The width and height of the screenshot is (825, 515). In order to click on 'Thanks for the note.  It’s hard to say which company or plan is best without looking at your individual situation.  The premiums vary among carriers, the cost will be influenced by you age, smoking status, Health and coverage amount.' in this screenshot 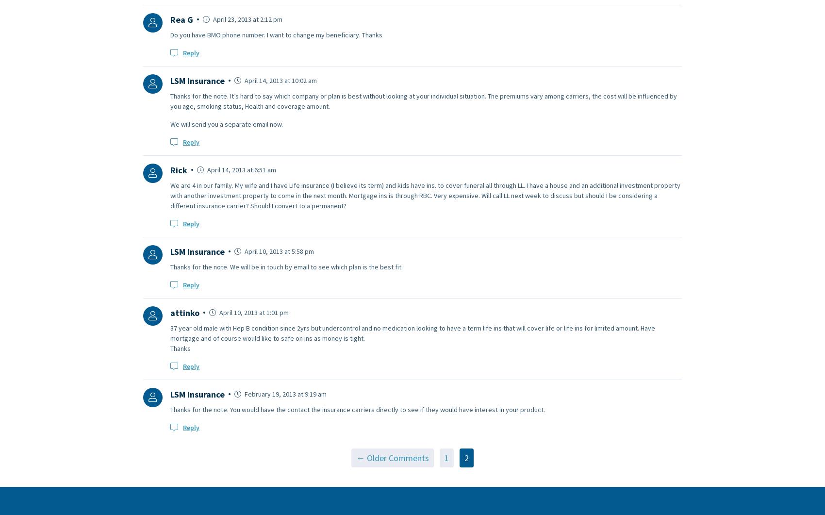, I will do `click(170, 100)`.